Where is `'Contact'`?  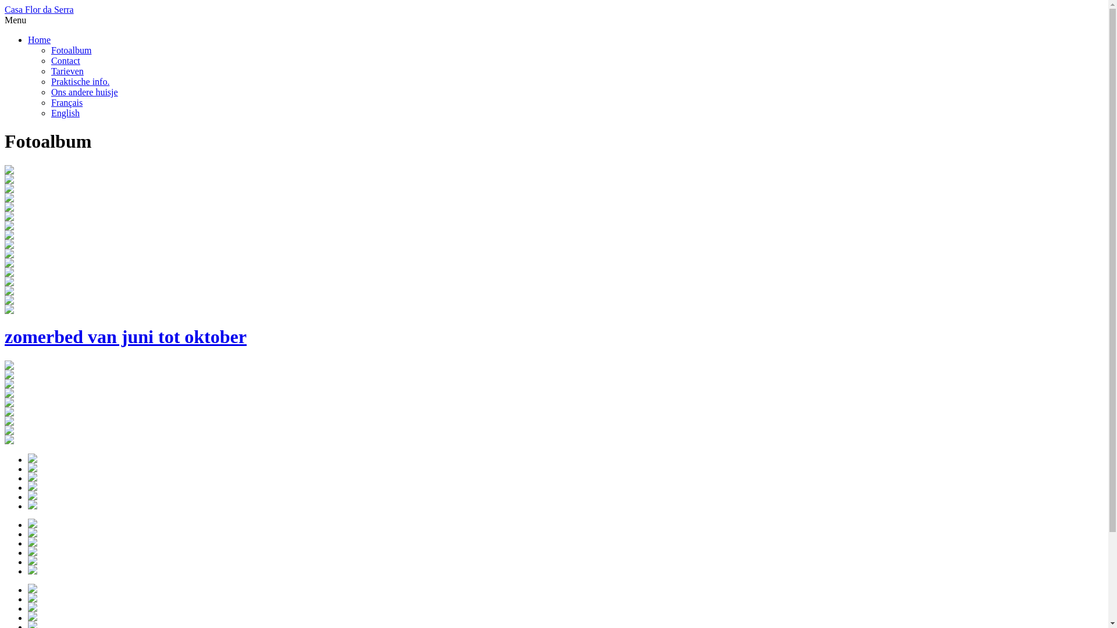
'Contact' is located at coordinates (50, 60).